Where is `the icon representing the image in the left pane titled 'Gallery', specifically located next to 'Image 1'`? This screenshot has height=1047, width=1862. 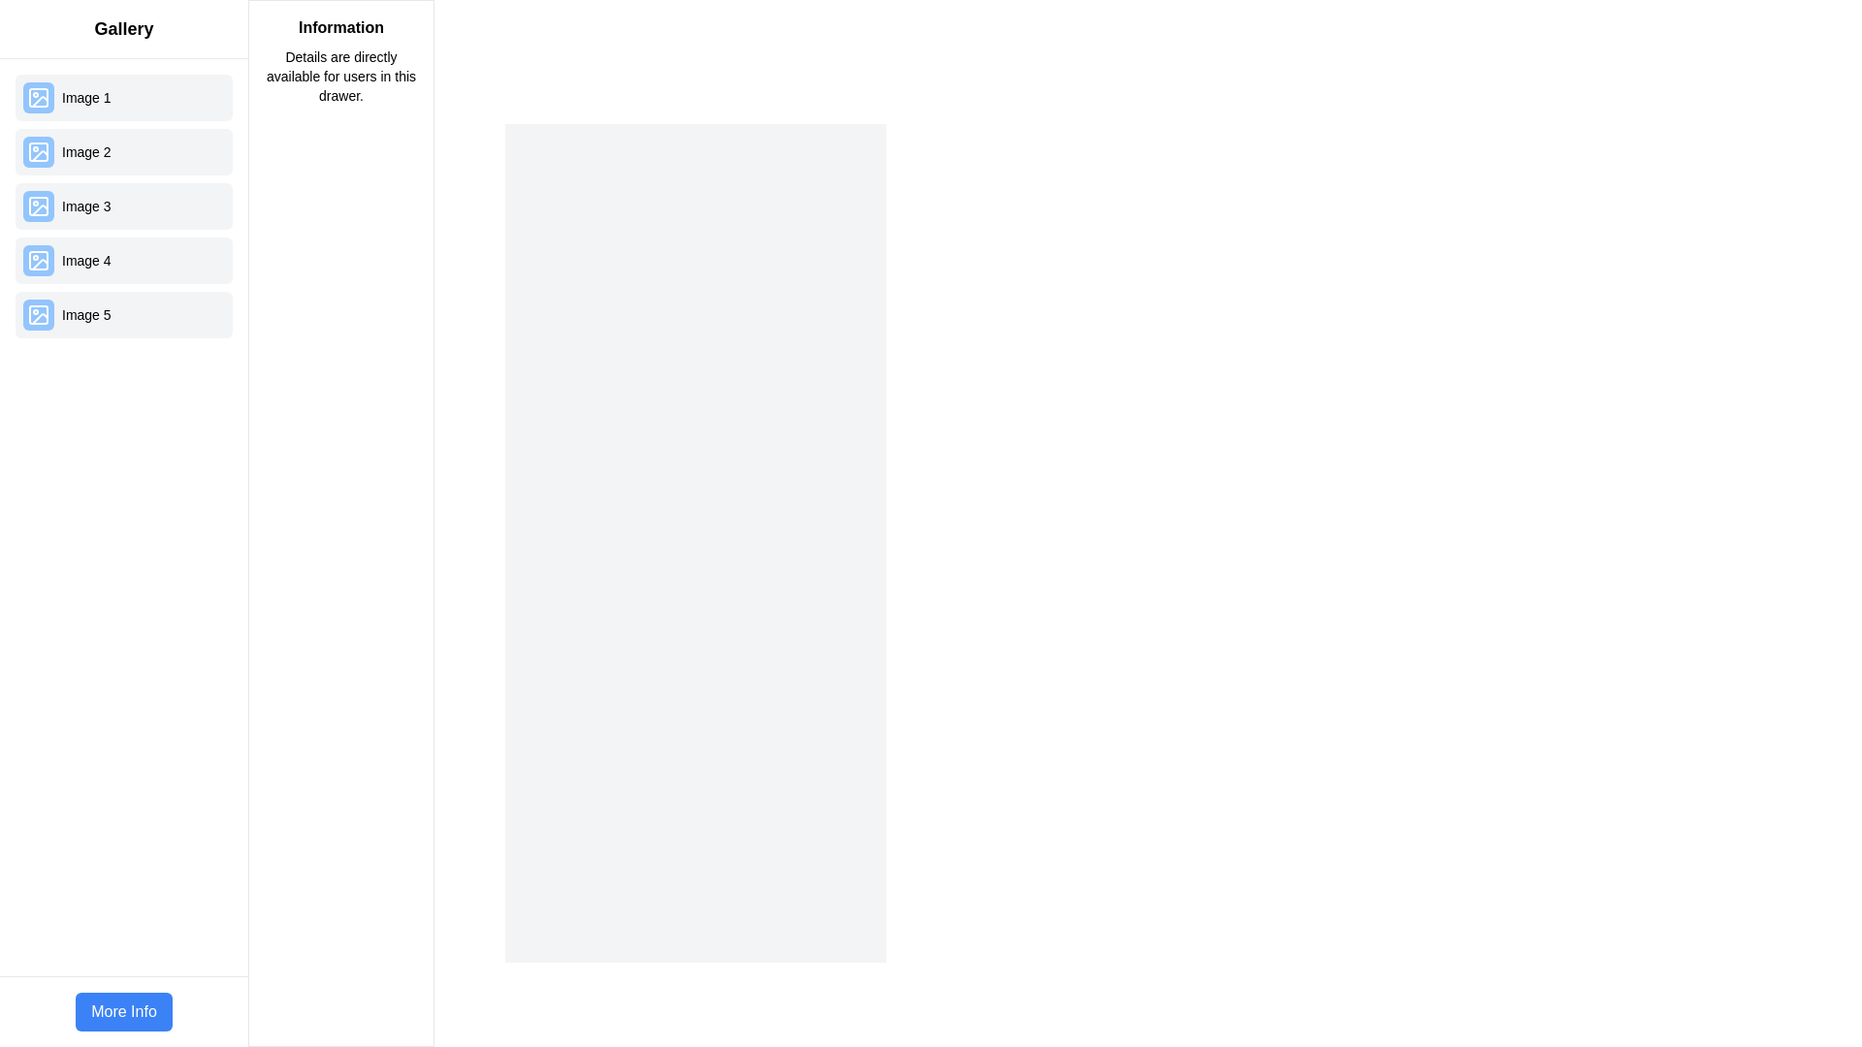
the icon representing the image in the left pane titled 'Gallery', specifically located next to 'Image 1' is located at coordinates (38, 97).